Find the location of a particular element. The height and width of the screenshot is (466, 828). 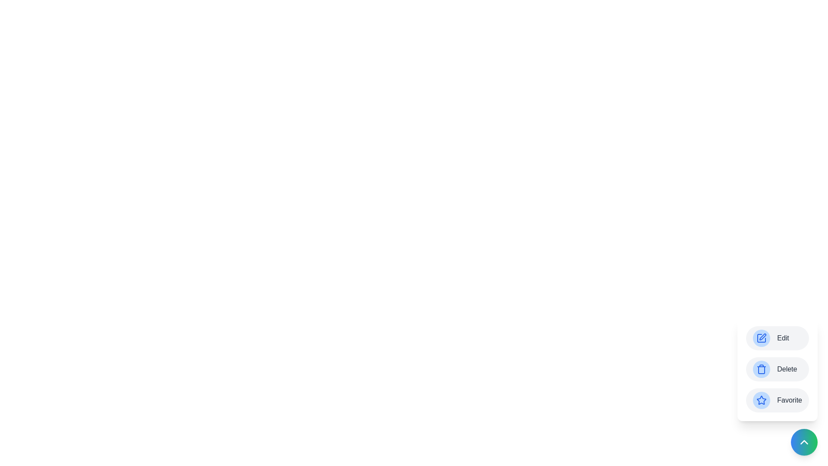

main toggle button to collapse the menu is located at coordinates (804, 442).